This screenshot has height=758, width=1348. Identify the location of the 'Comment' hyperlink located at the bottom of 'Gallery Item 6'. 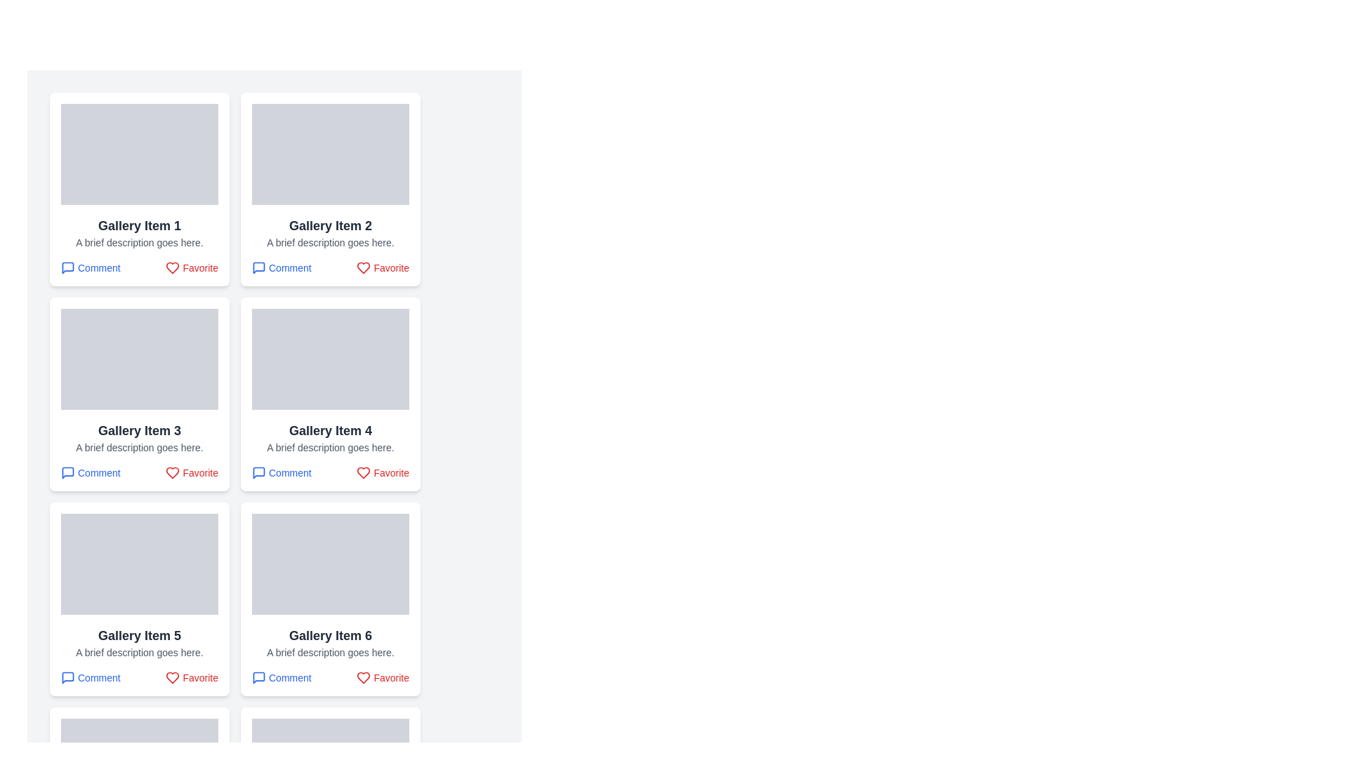
(281, 677).